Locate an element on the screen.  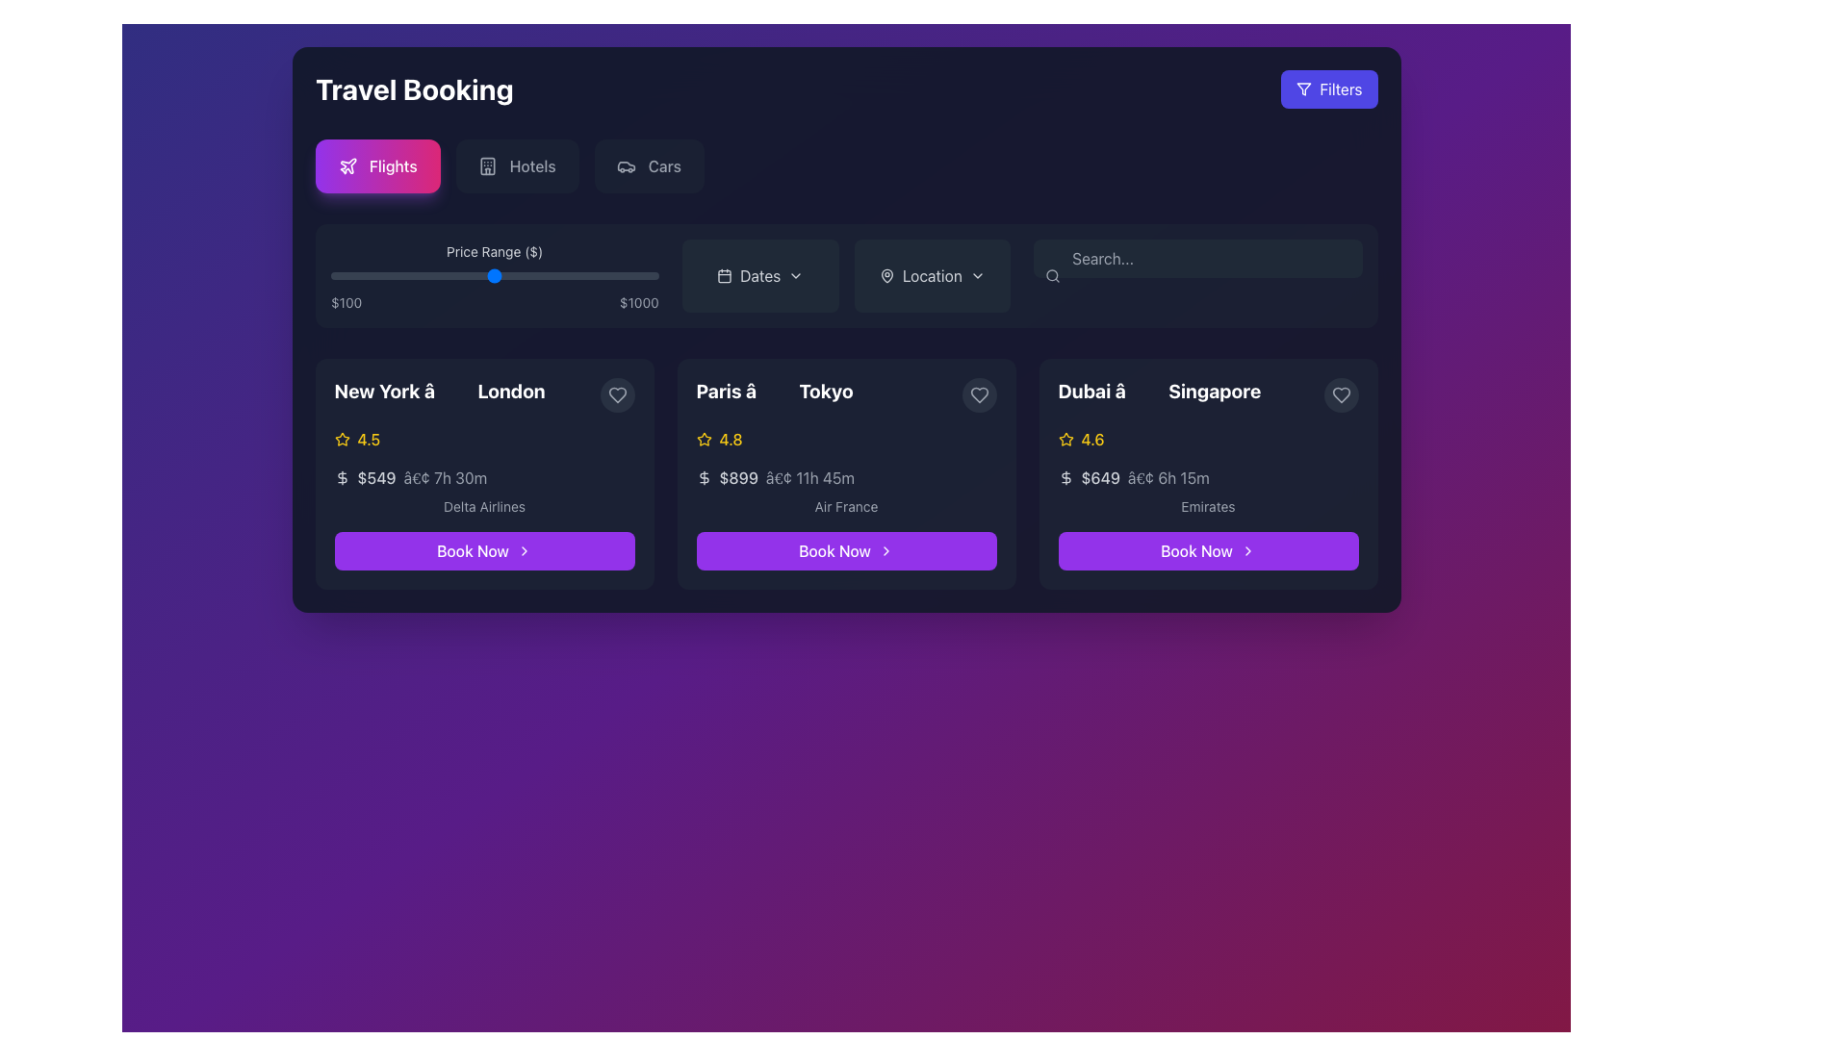
the vibrant purple 'Book Now' button with rounded corners is located at coordinates (846, 551).